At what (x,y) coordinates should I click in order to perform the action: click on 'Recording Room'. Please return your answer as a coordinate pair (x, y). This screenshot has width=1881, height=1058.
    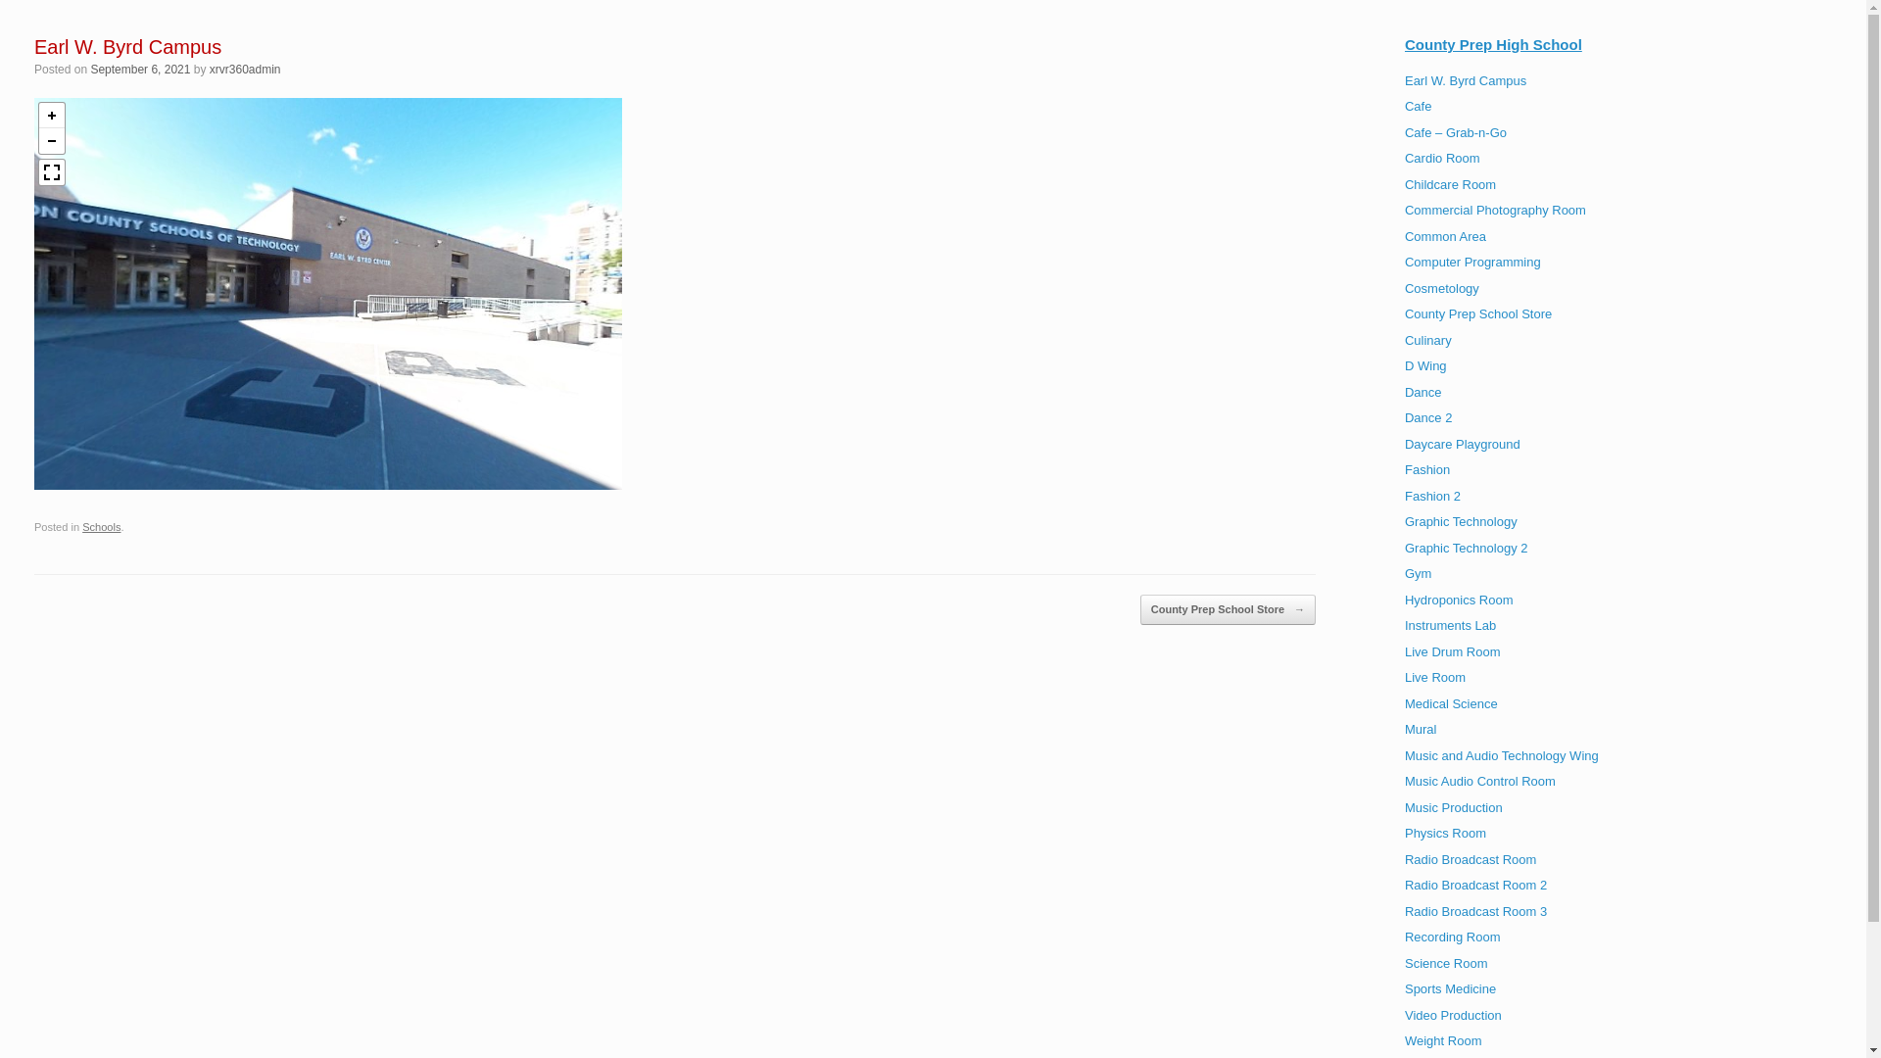
    Looking at the image, I should click on (1453, 936).